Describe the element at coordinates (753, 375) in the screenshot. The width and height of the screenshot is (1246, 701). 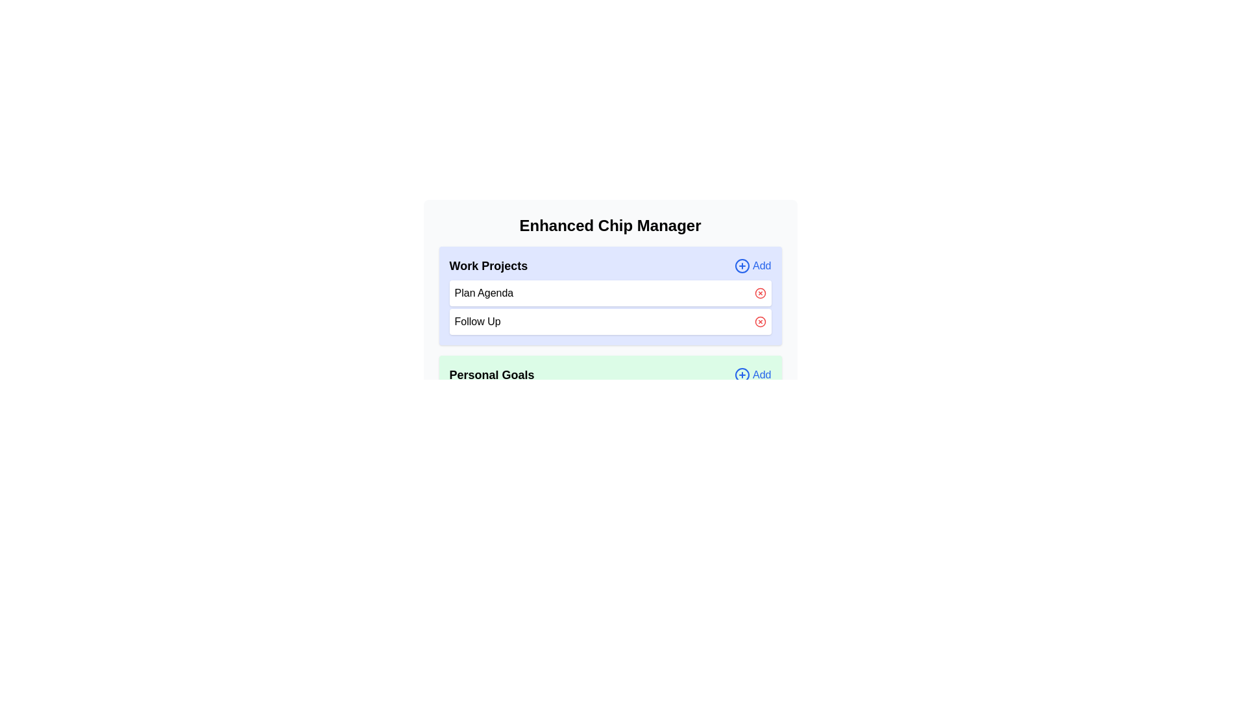
I see `the 'Add' button for the category Personal Goals` at that location.